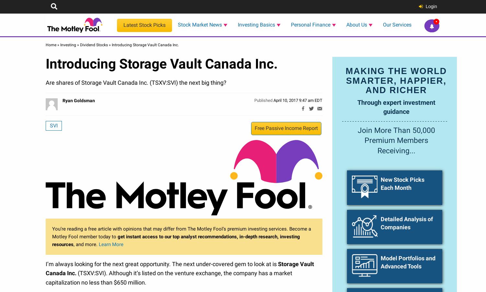 Image resolution: width=486 pixels, height=292 pixels. I want to click on 'Buy 92 Shares in This Stock for $1,699 in Passive Income in 2024', so click(46, 274).